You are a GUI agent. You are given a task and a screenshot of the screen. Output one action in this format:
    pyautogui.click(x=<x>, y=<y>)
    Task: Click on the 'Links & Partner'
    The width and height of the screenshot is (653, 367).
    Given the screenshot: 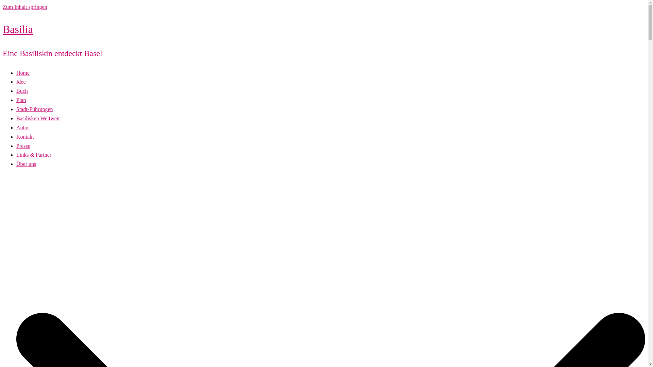 What is the action you would take?
    pyautogui.click(x=16, y=155)
    